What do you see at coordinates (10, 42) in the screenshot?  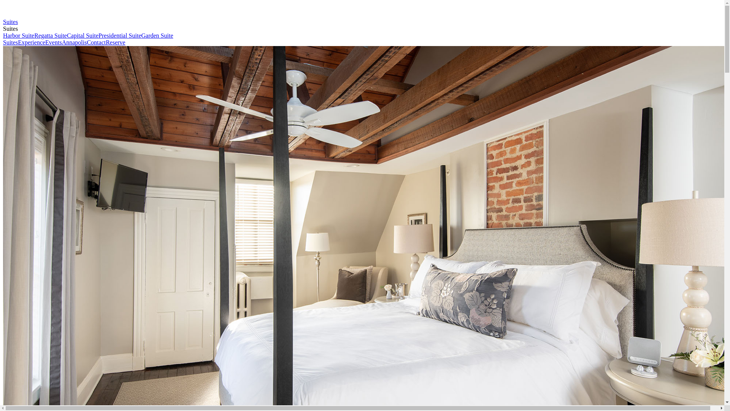 I see `'Suites'` at bounding box center [10, 42].